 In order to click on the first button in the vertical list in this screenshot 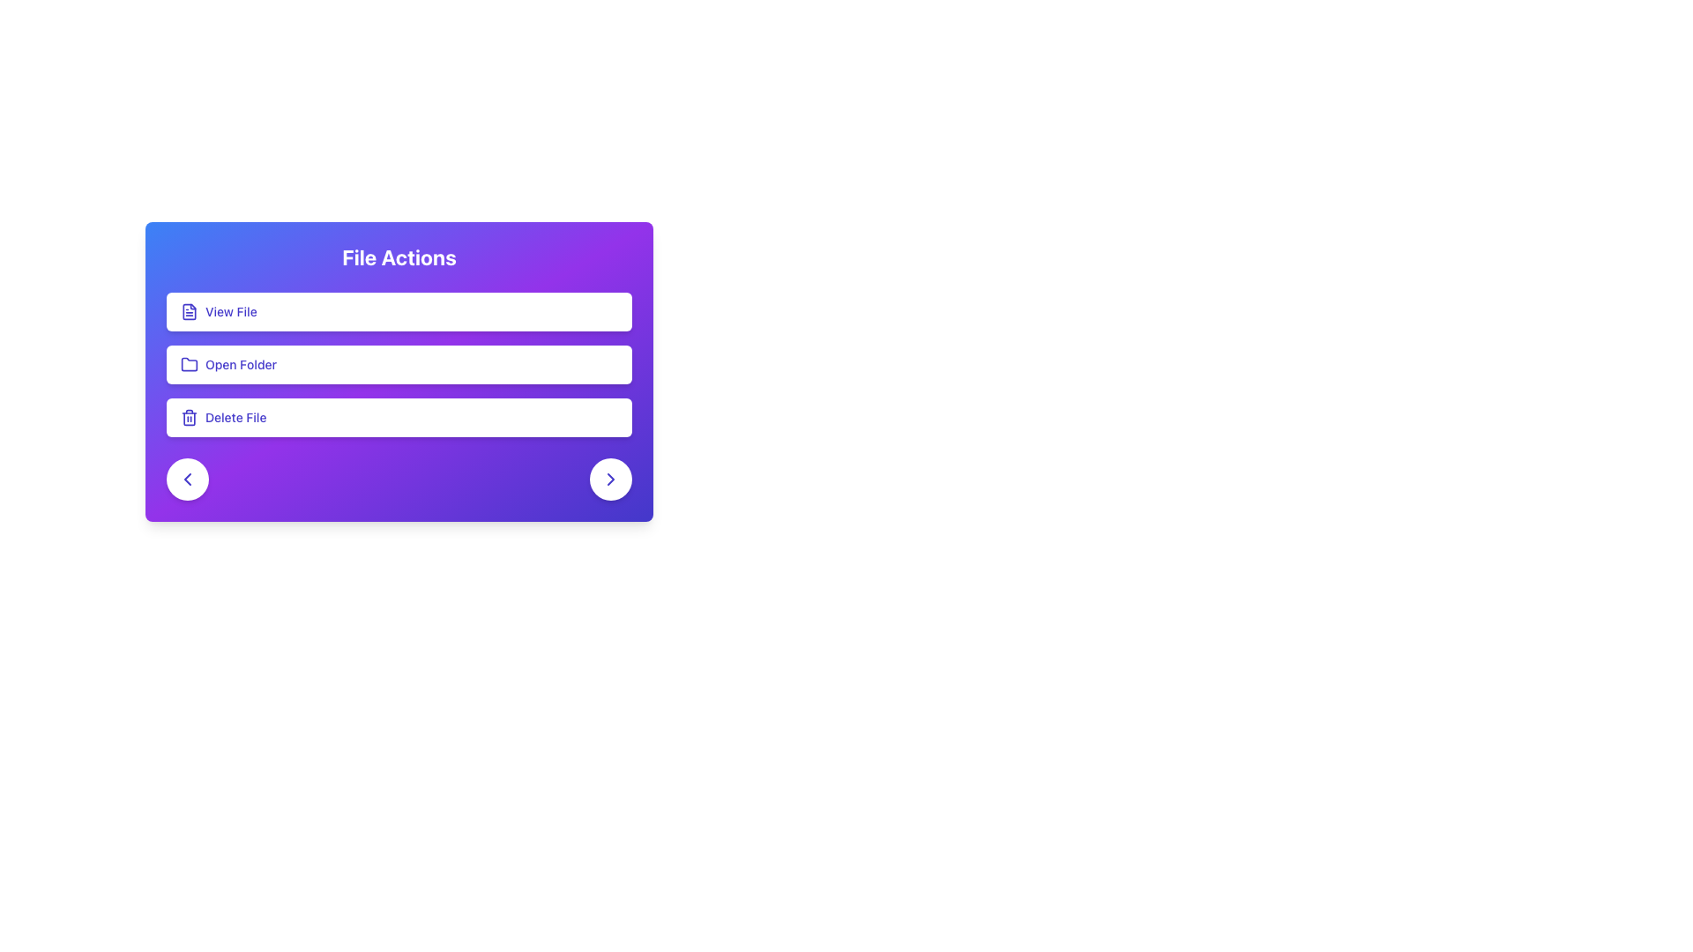, I will do `click(218, 311)`.